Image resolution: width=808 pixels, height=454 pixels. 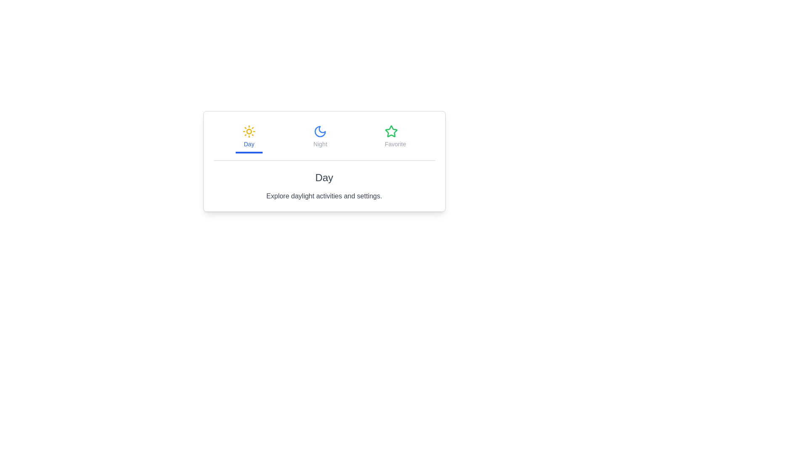 I want to click on the tab corresponding to Favorite by clicking on its button, so click(x=395, y=137).